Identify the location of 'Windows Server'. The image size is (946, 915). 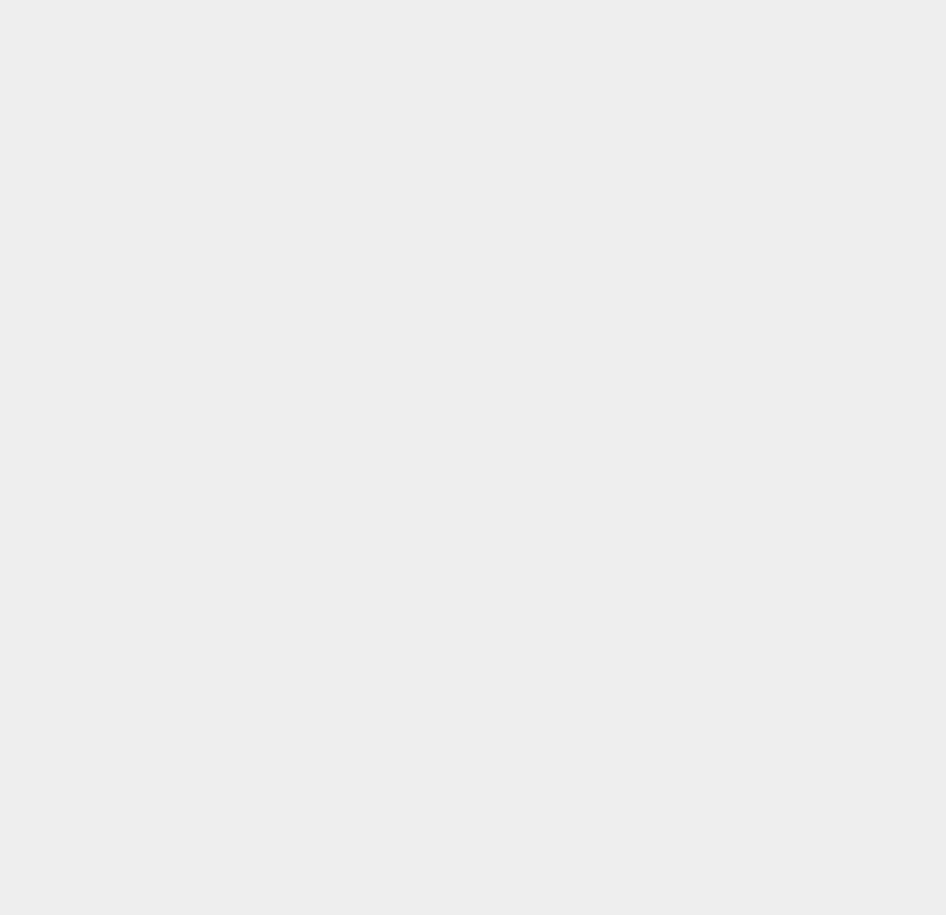
(710, 820).